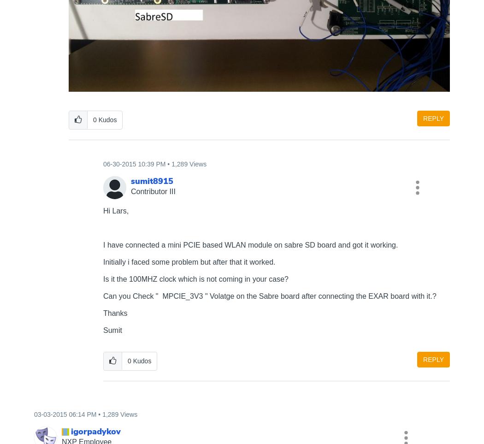  Describe the element at coordinates (68, 413) in the screenshot. I see `'06:14 PM'` at that location.